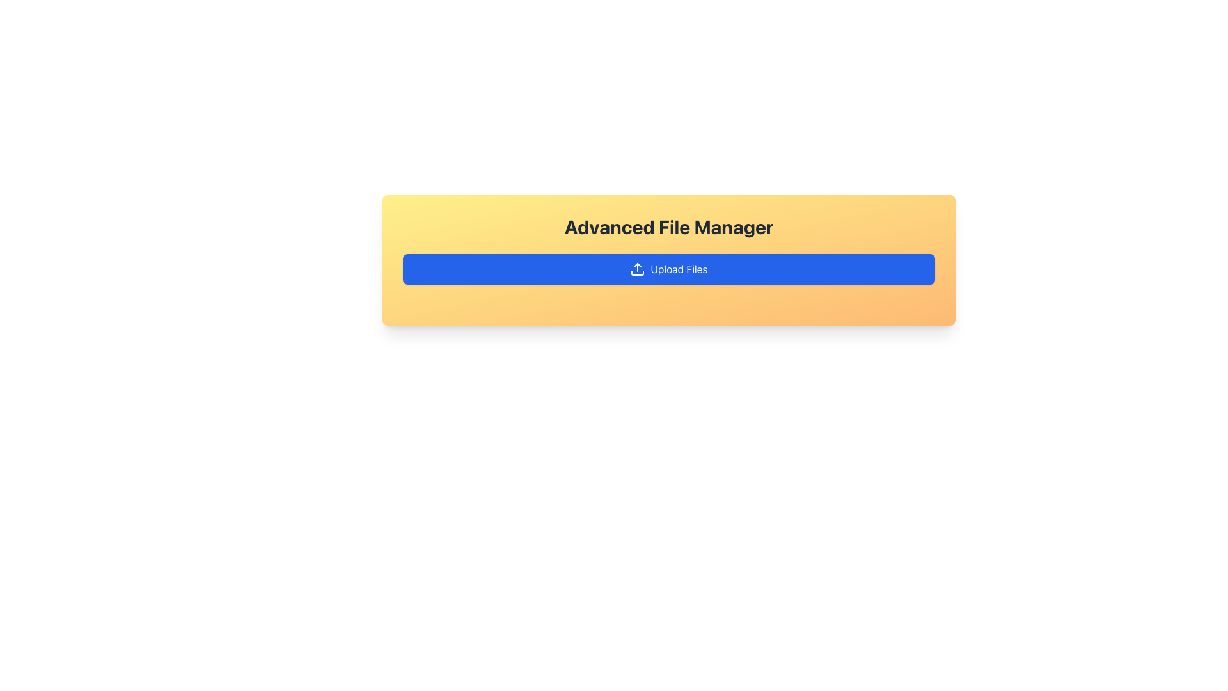  Describe the element at coordinates (668, 226) in the screenshot. I see `the non-interactive text label displaying 'Advanced File Manager' which is styled in bold and large text, centered, and colored dark gray on a light gradient background` at that location.